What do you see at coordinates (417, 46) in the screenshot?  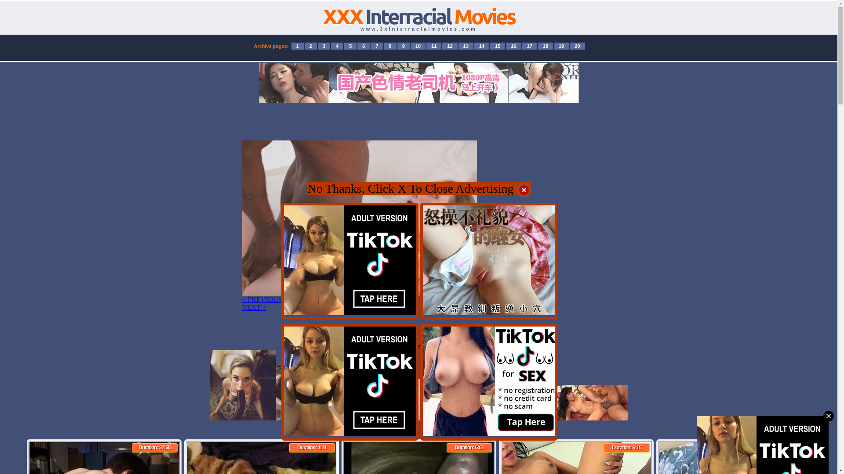 I see `'10'` at bounding box center [417, 46].